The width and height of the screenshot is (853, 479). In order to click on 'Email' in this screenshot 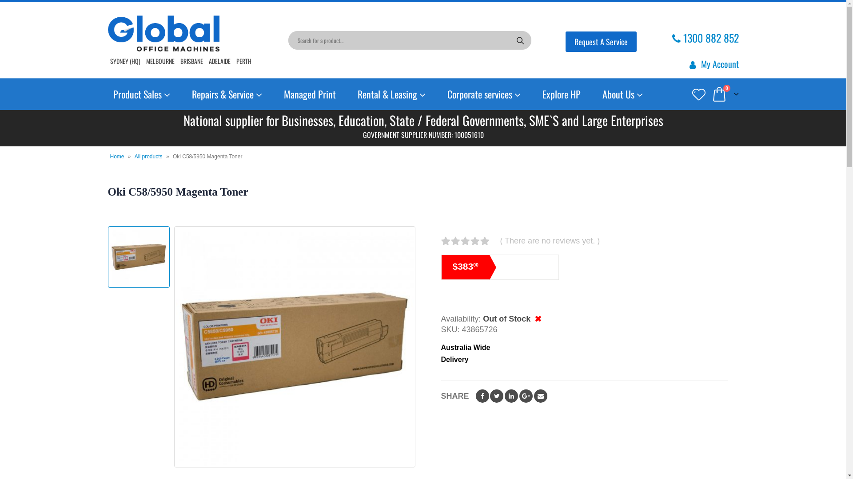, I will do `click(540, 396)`.